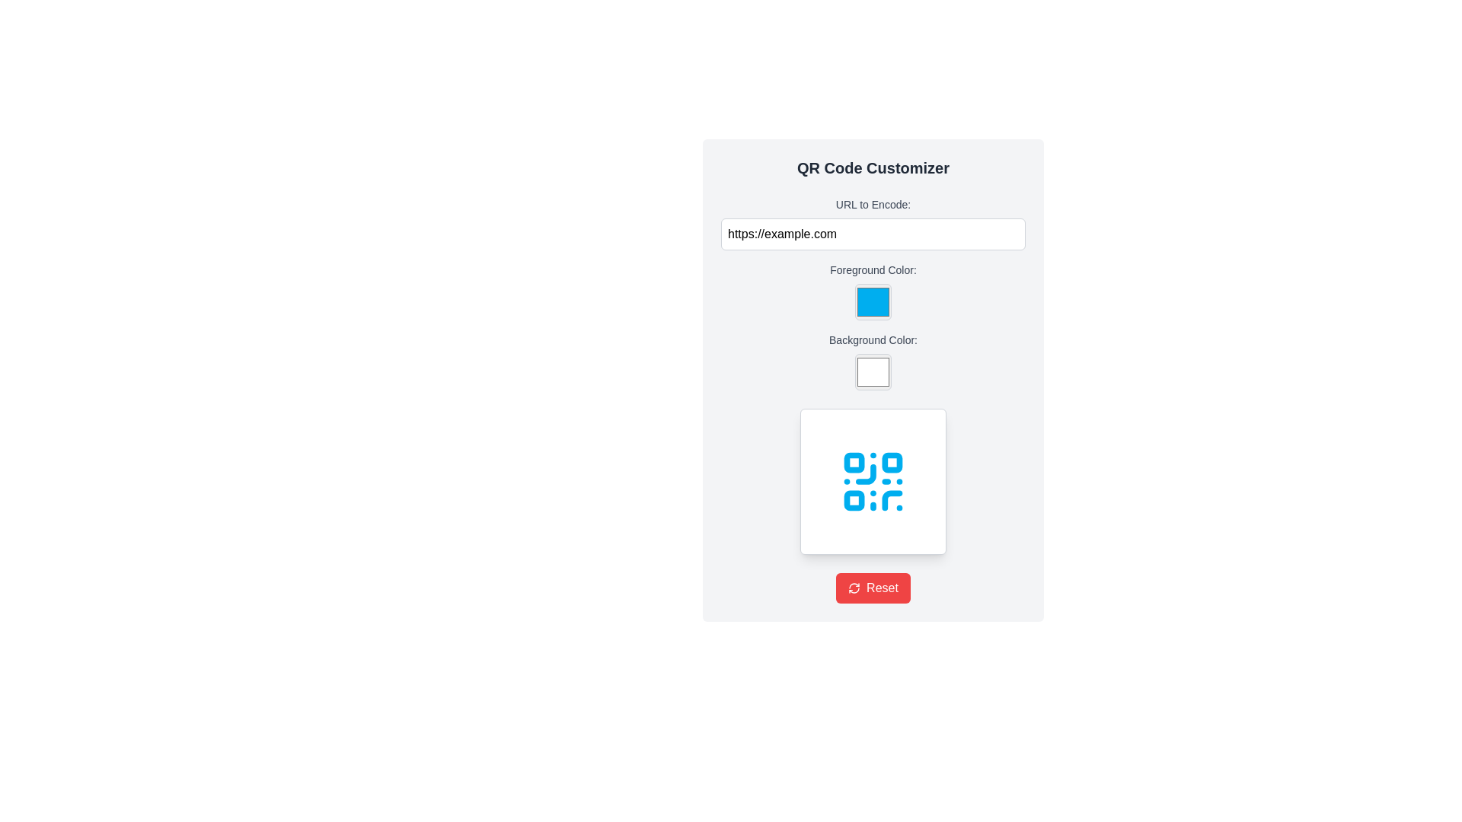  What do you see at coordinates (873, 167) in the screenshot?
I see `the 'QR Code Customizer' text label, which is a bold, prominent heading at the top of the section, styled in dark gray and located above input fields` at bounding box center [873, 167].